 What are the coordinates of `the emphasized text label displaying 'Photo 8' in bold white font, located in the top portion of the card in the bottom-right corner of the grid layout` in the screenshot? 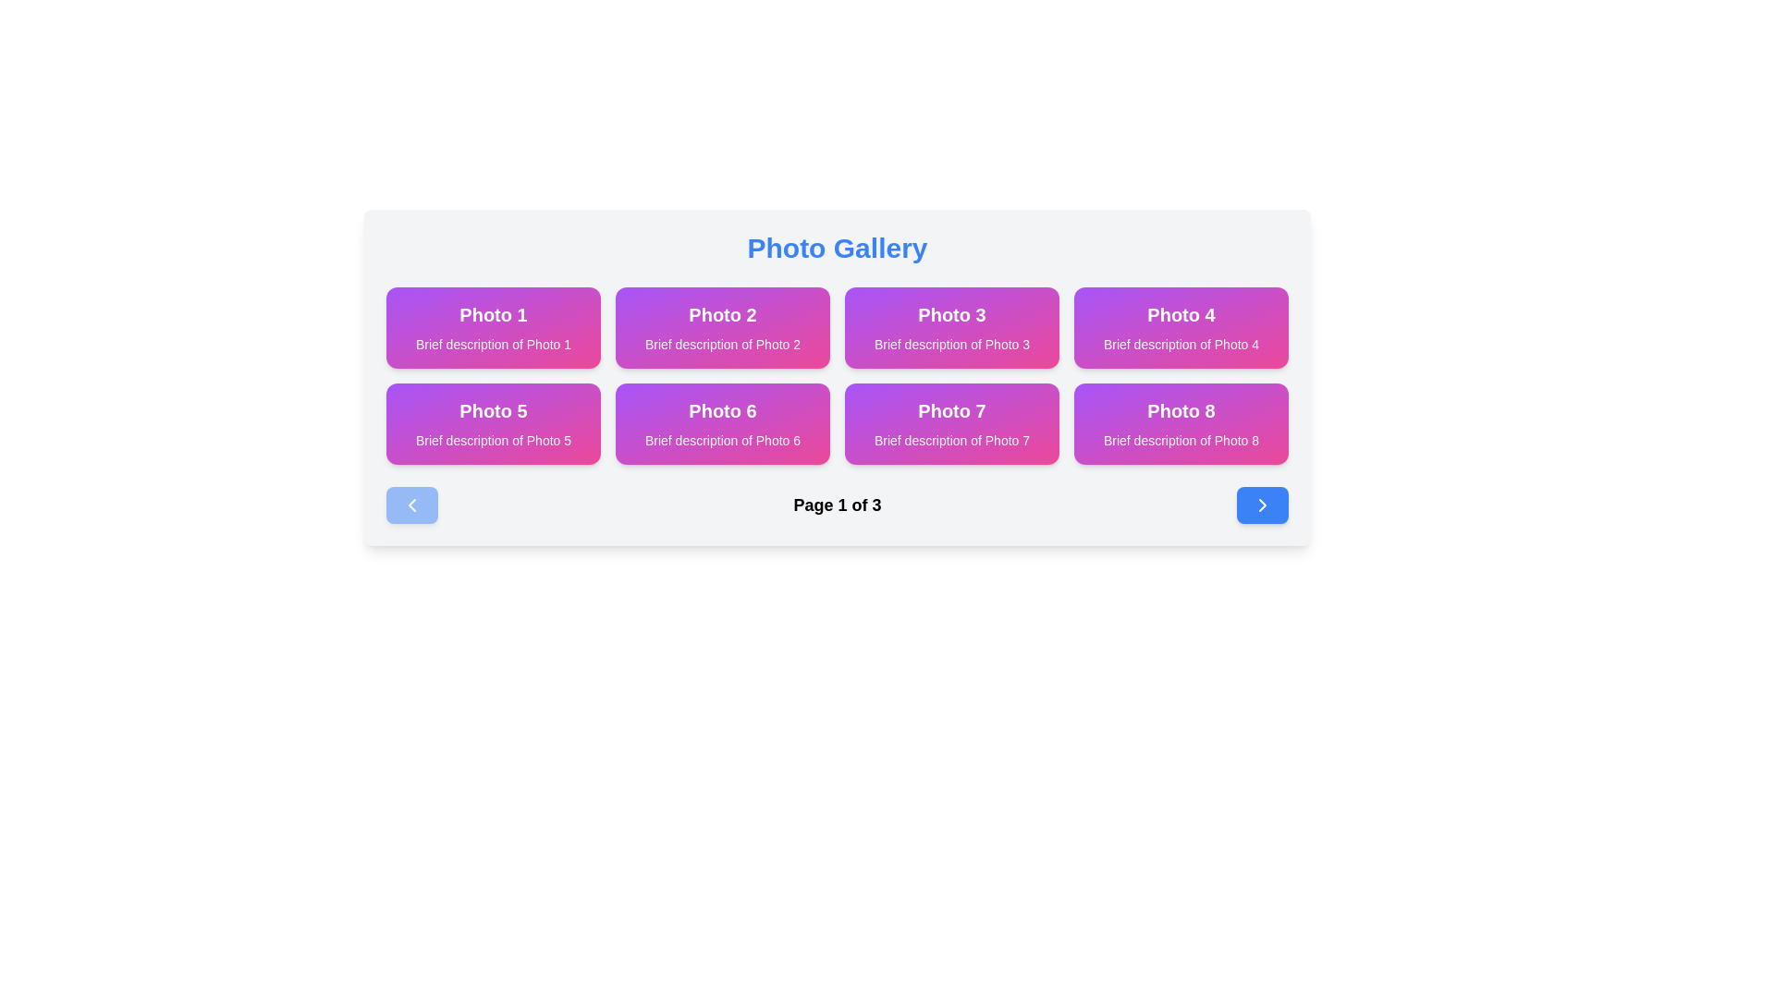 It's located at (1180, 409).